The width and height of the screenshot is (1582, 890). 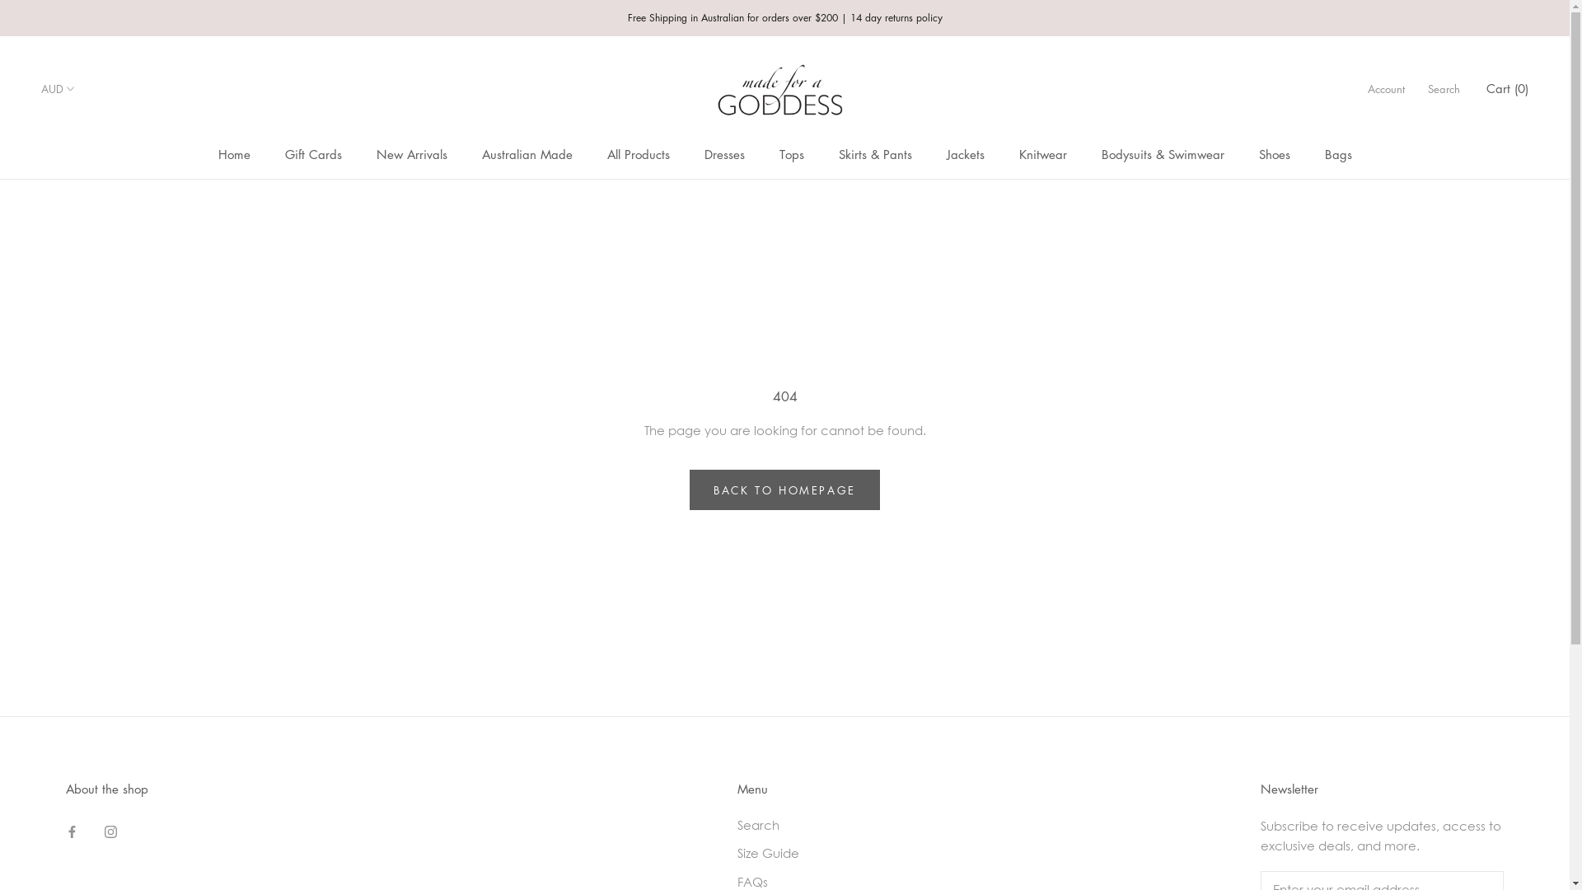 I want to click on 'Dresses, so click(x=723, y=153).